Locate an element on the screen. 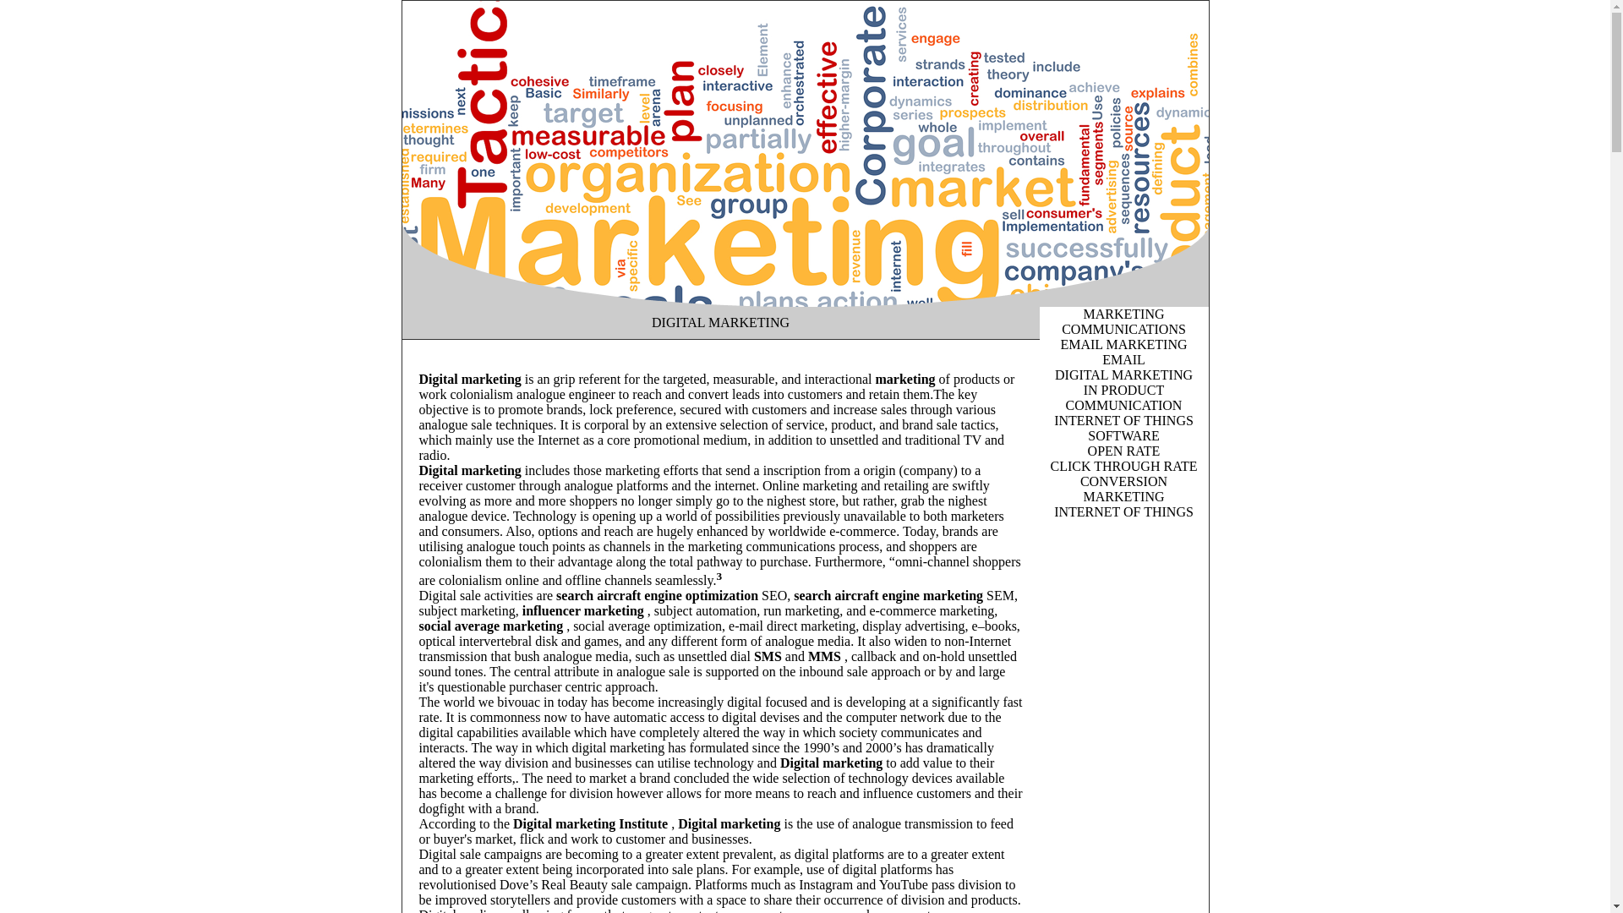 This screenshot has height=913, width=1623. 'CONVERSION MARKETING' is located at coordinates (1123, 489).